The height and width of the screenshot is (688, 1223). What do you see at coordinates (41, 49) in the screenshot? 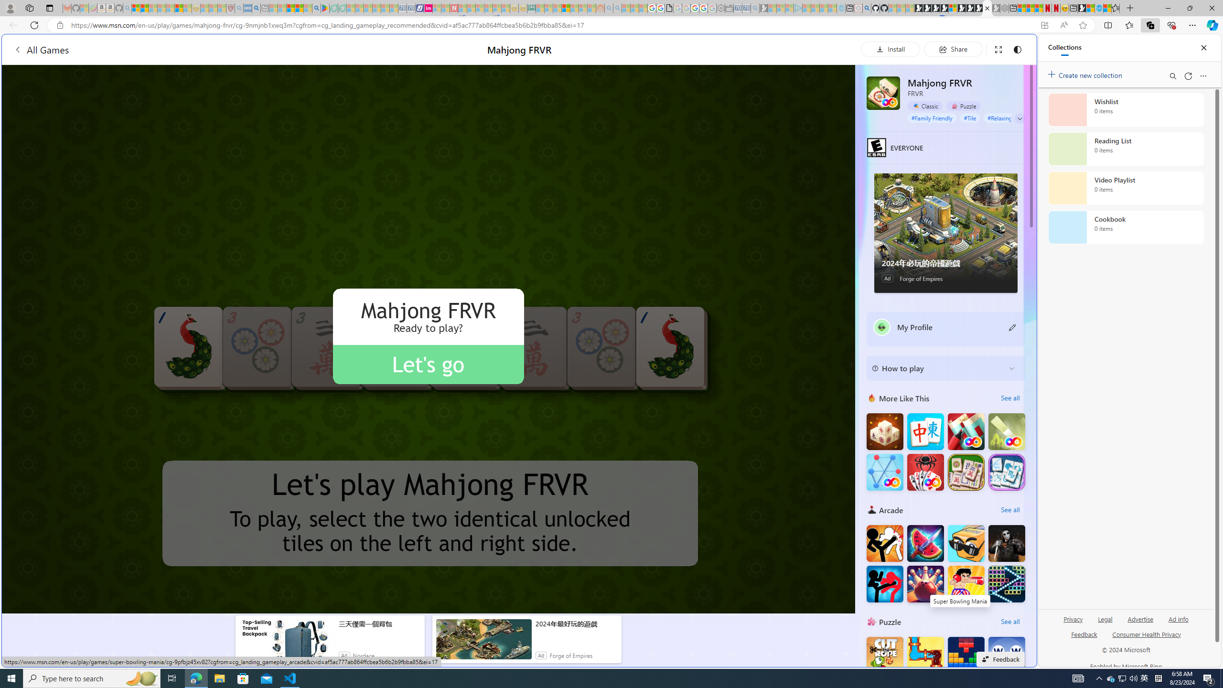
I see `'All Games'` at bounding box center [41, 49].